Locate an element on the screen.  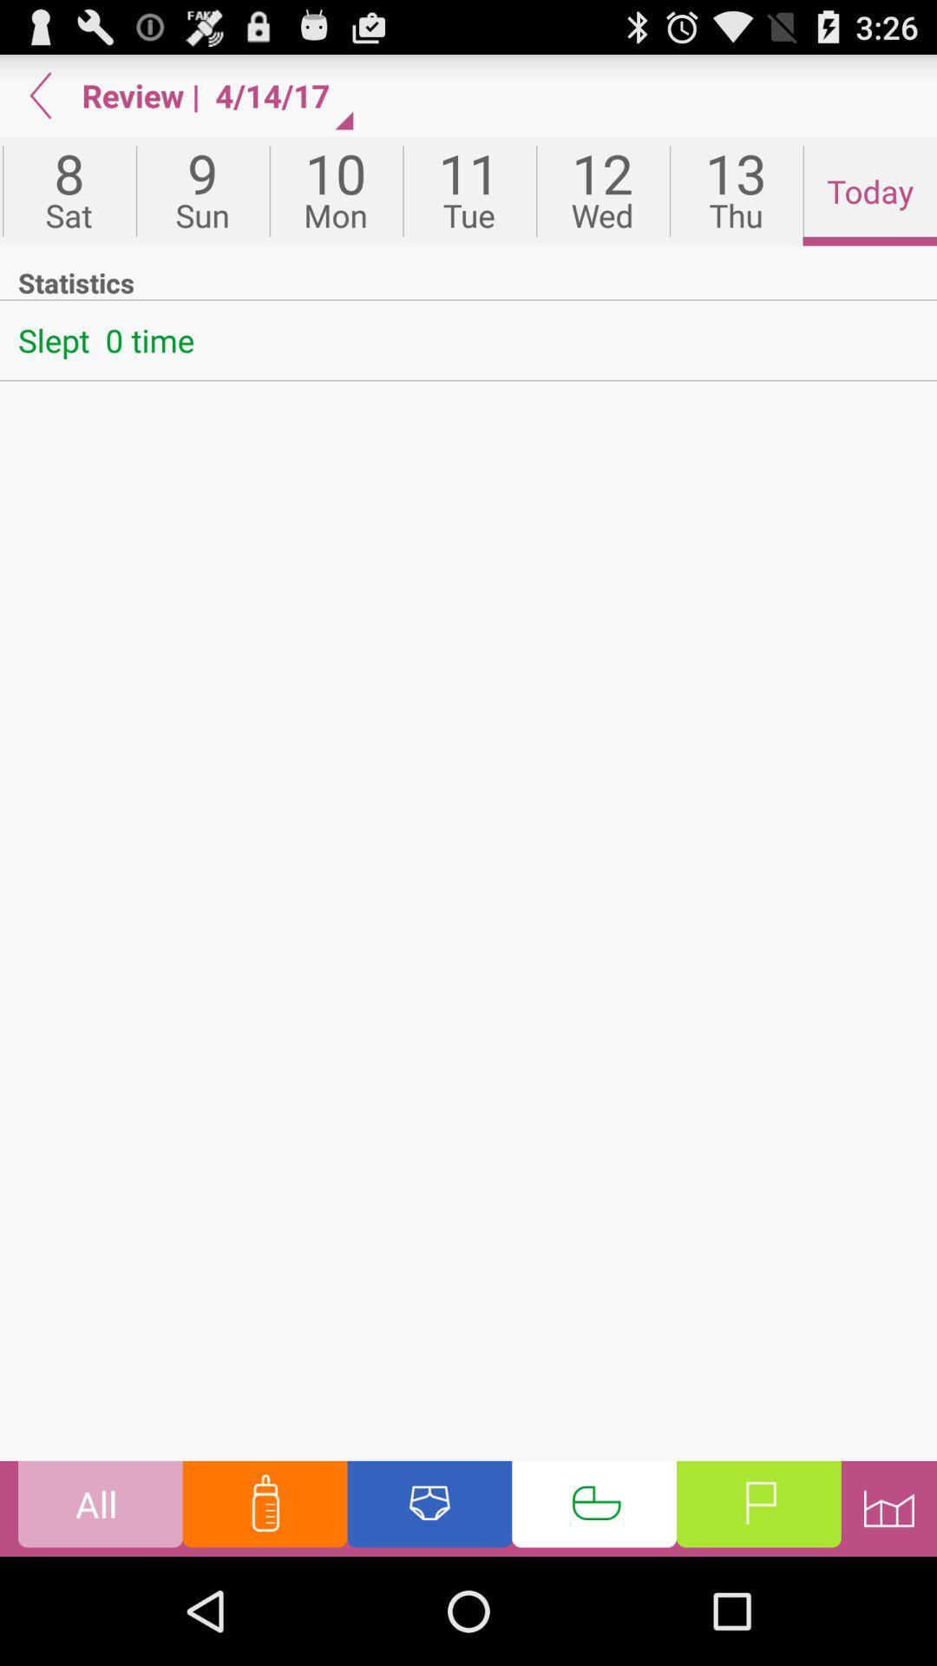
the arrow_backward icon is located at coordinates (40, 102).